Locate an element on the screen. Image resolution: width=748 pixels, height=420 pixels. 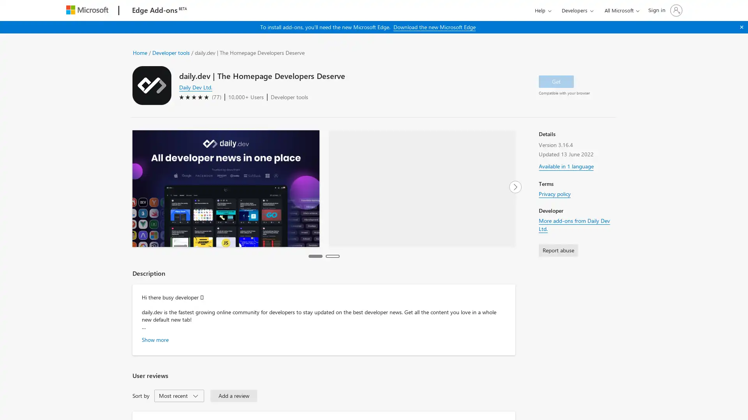
Developers is located at coordinates (577, 10).